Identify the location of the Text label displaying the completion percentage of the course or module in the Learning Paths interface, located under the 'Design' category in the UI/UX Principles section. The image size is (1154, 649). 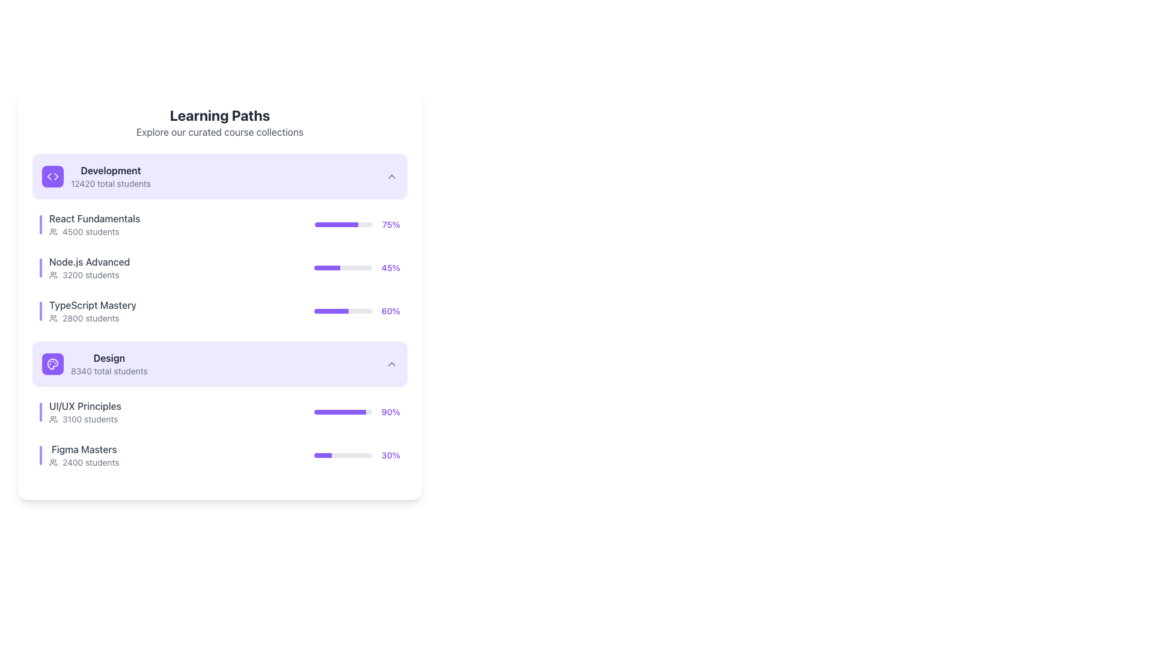
(391, 412).